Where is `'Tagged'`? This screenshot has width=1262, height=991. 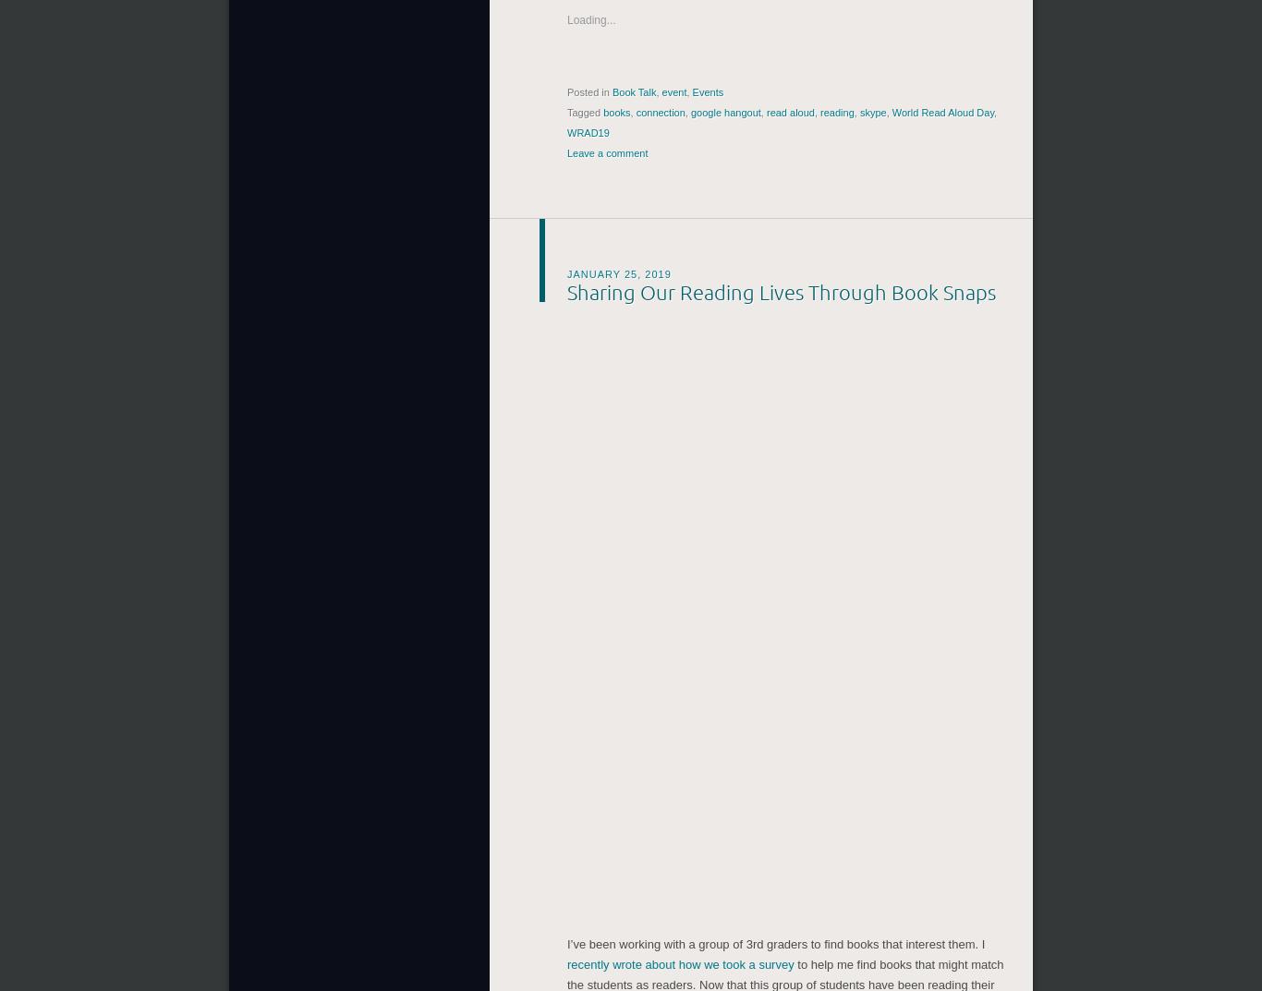
'Tagged' is located at coordinates (566, 109).